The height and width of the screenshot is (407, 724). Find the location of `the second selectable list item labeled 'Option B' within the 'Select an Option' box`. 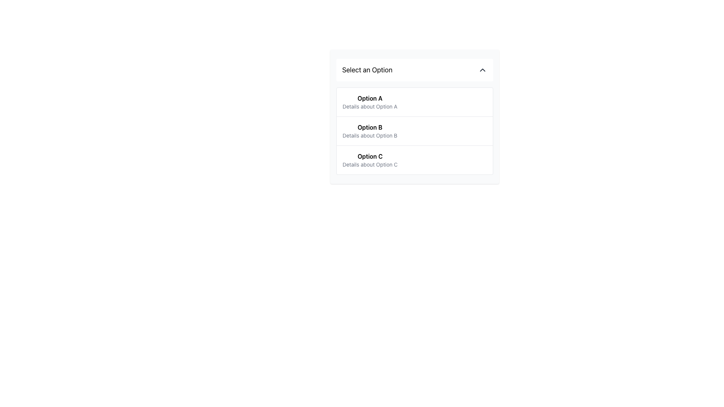

the second selectable list item labeled 'Option B' within the 'Select an Option' box is located at coordinates (414, 130).